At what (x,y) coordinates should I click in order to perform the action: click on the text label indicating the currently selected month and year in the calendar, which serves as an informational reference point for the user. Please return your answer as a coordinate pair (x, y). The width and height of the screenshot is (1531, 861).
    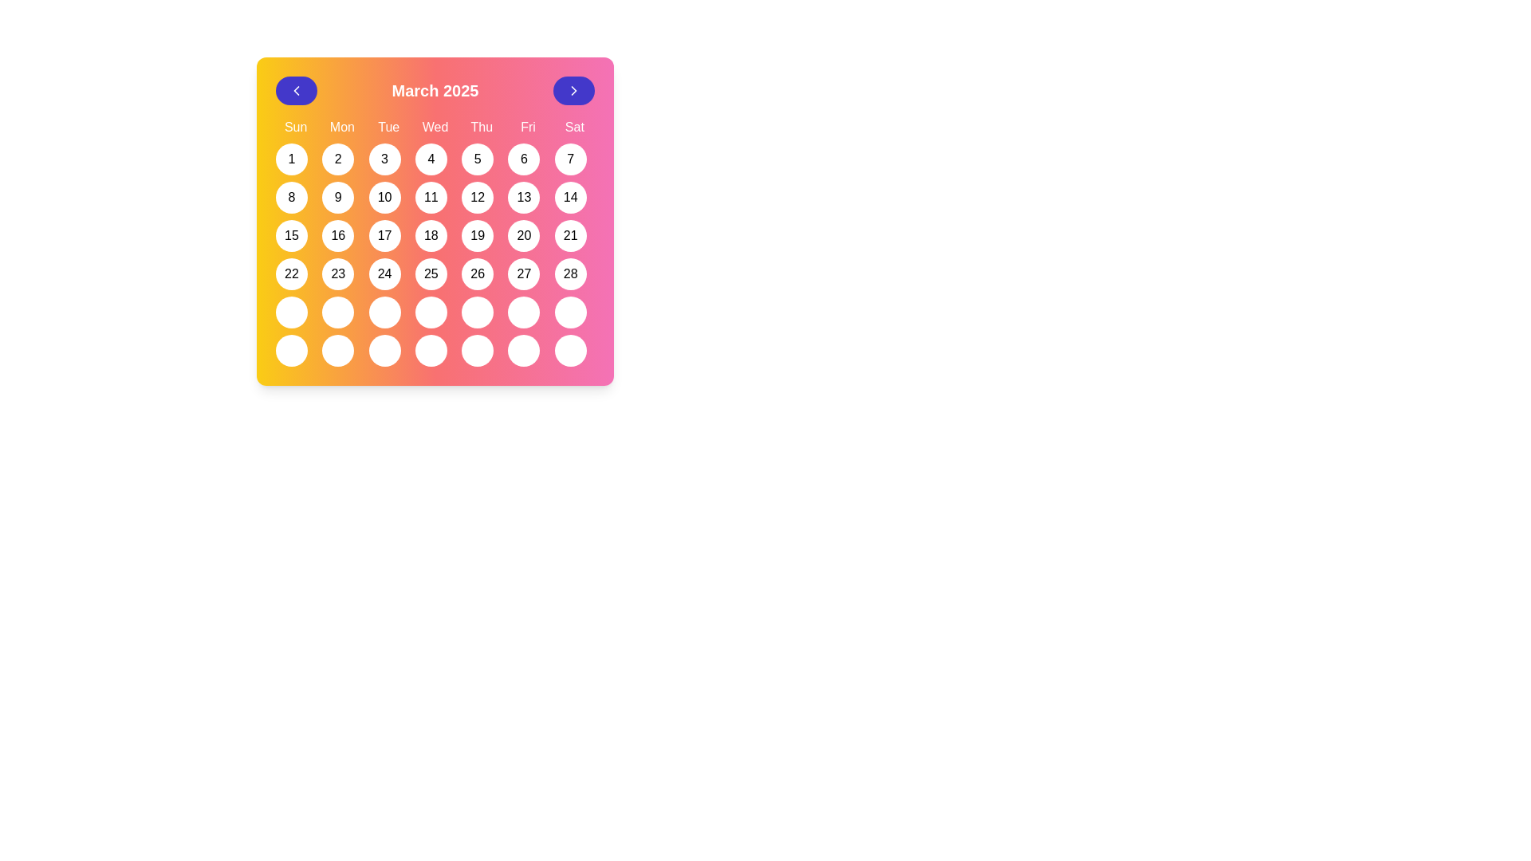
    Looking at the image, I should click on (435, 91).